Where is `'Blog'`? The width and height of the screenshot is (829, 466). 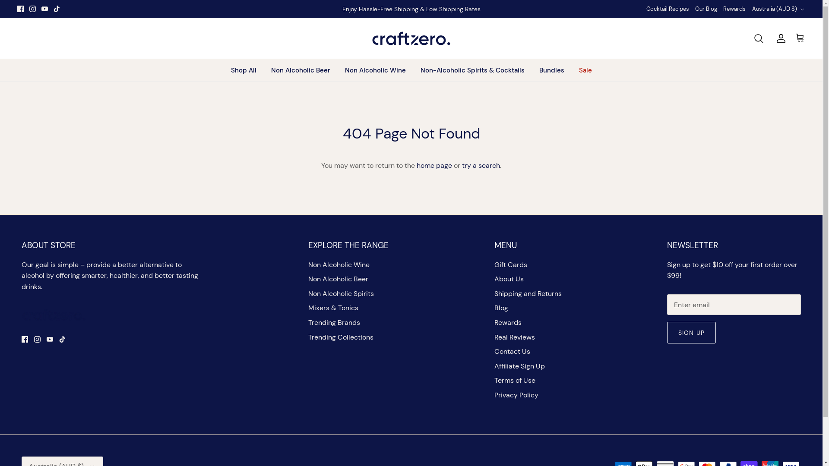
'Blog' is located at coordinates (501, 307).